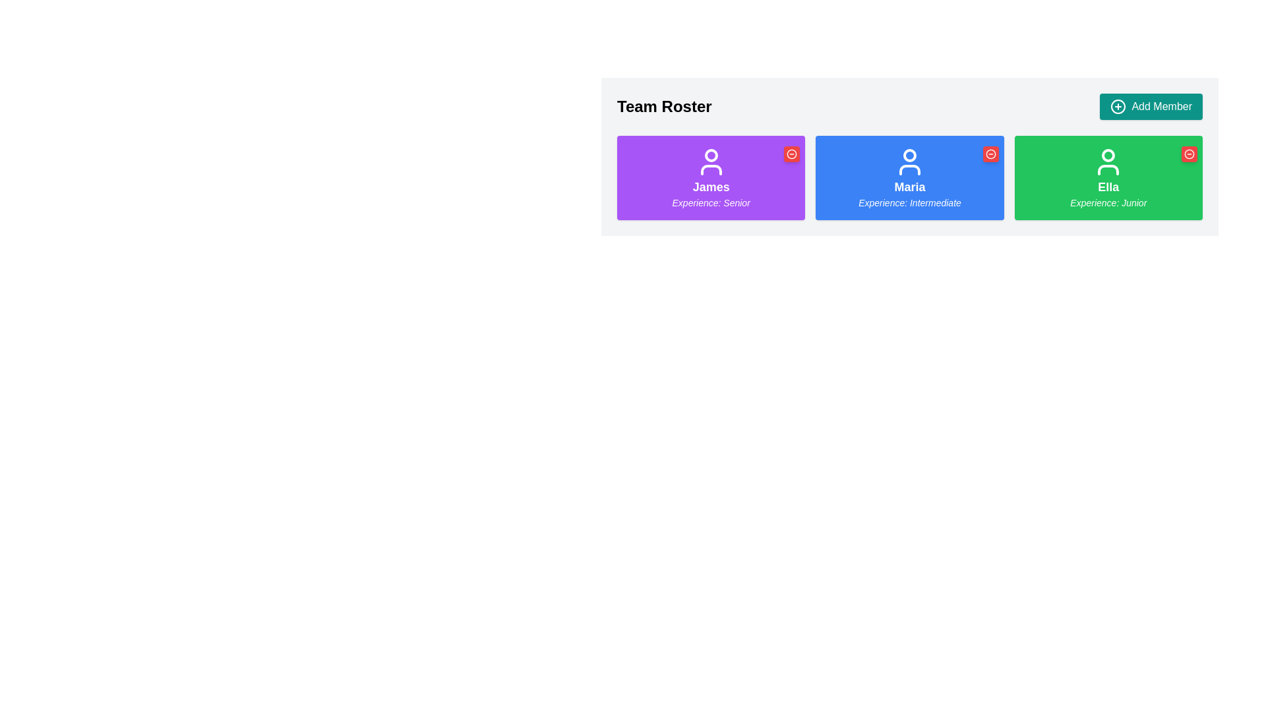 This screenshot has width=1266, height=712. What do you see at coordinates (710, 203) in the screenshot?
I see `the italicized text label displaying 'Experience: Senior' located below the bold label 'James' in the purple card to trigger a tooltip or highlight` at bounding box center [710, 203].